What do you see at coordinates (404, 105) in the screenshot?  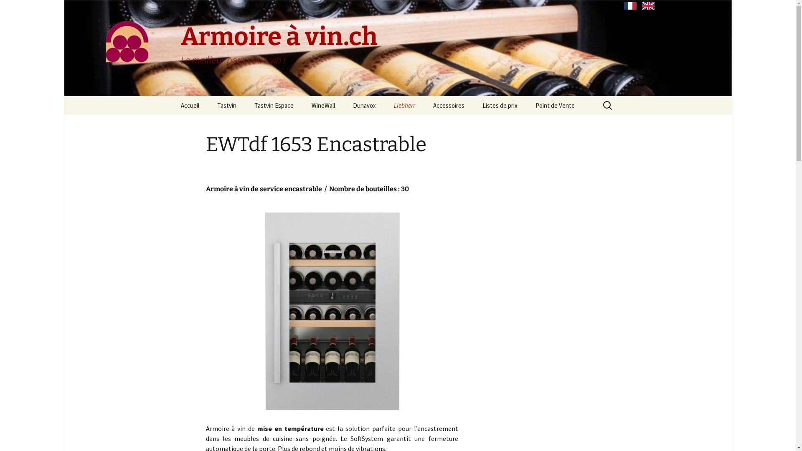 I see `'Liebherr'` at bounding box center [404, 105].